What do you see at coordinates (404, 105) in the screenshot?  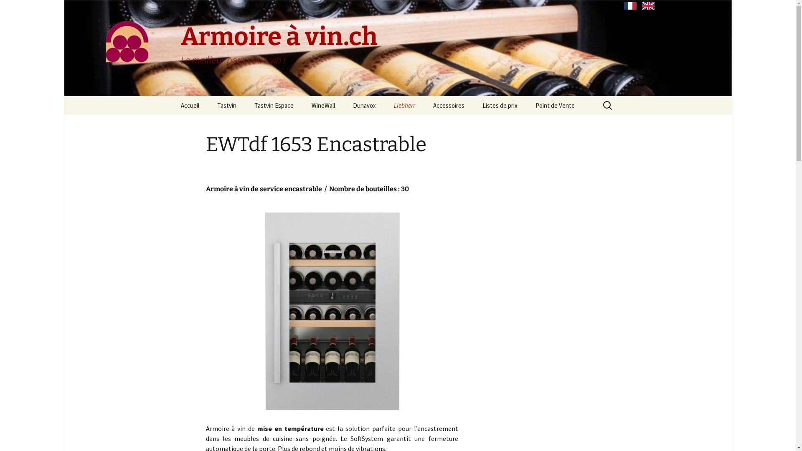 I see `'Liebherr'` at bounding box center [404, 105].